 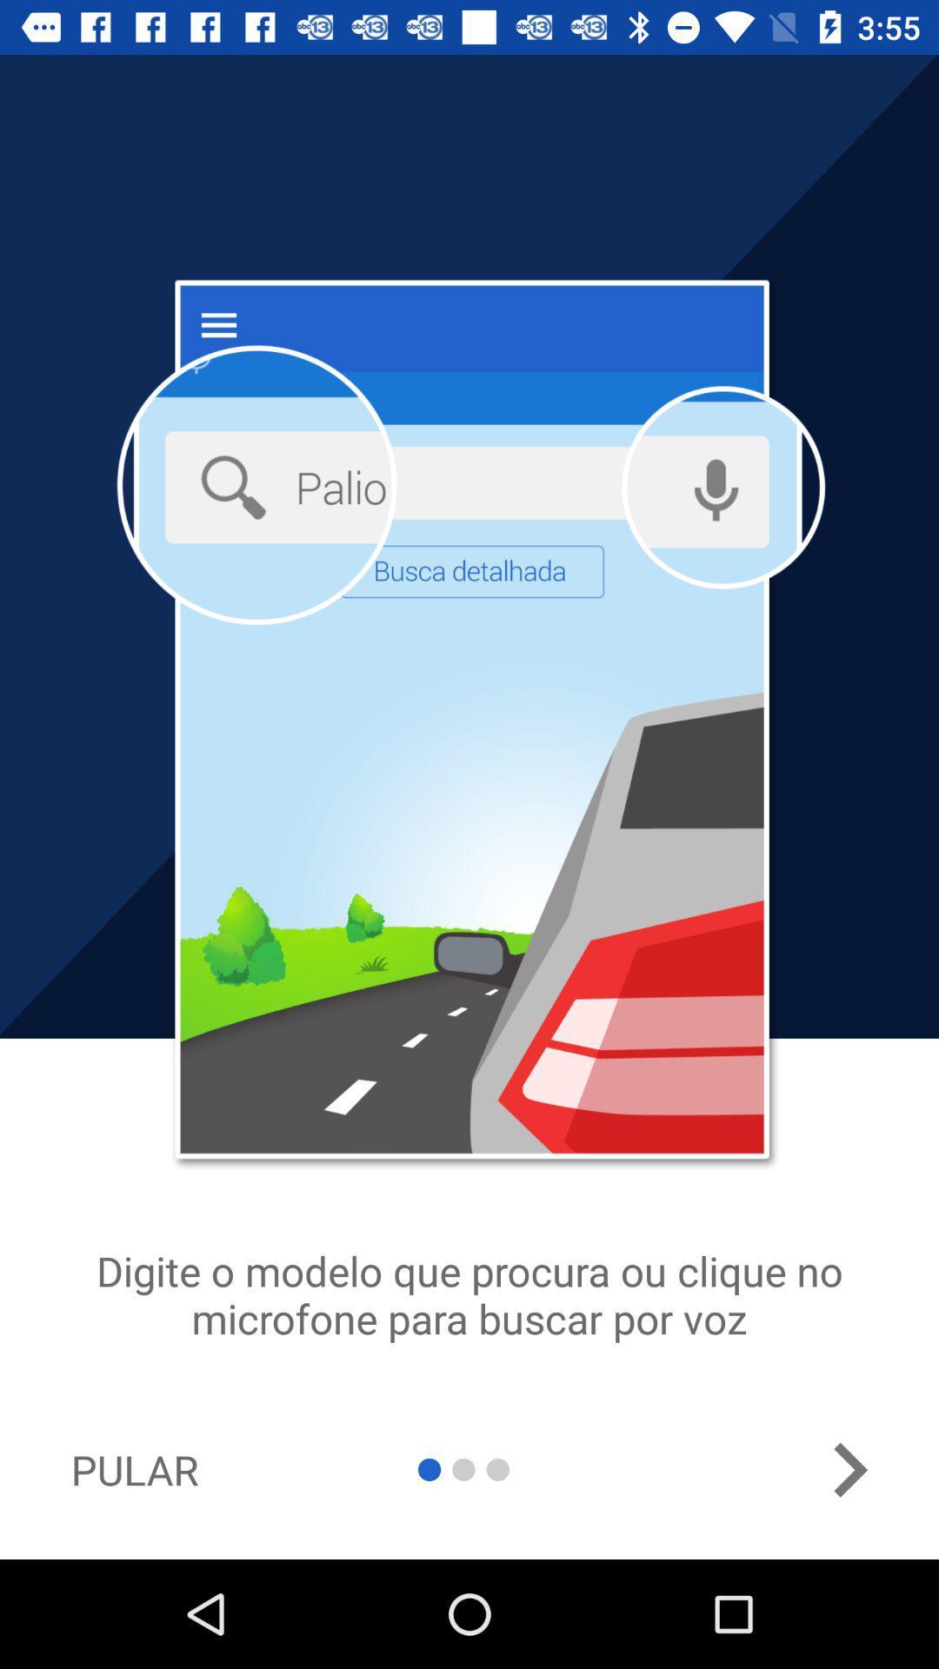 What do you see at coordinates (849, 1469) in the screenshot?
I see `the arrow_forward icon` at bounding box center [849, 1469].